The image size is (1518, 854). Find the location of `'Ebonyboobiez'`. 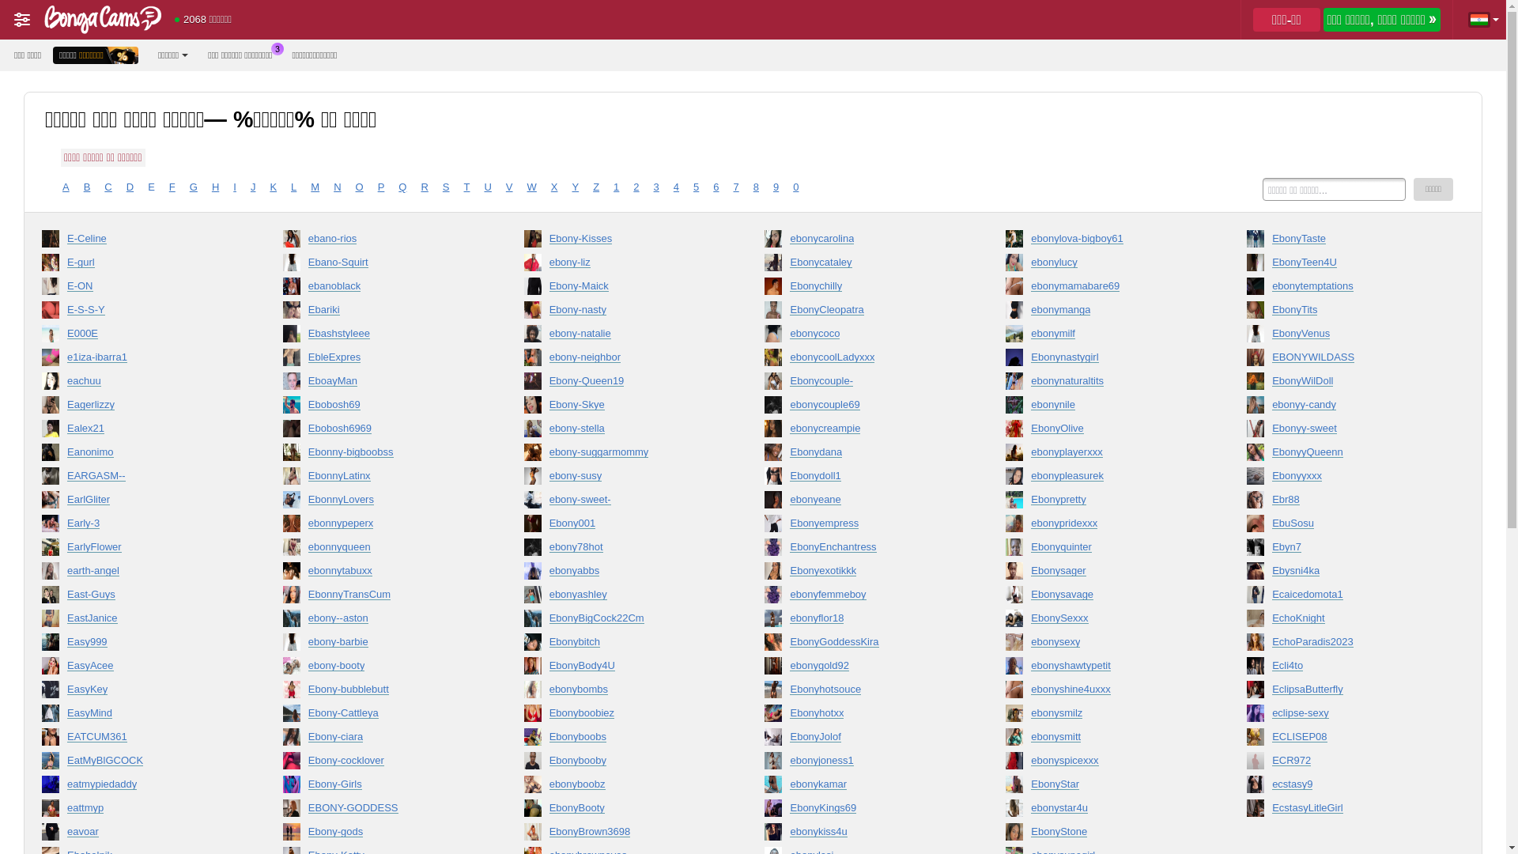

'Ebonyboobiez' is located at coordinates (621, 716).